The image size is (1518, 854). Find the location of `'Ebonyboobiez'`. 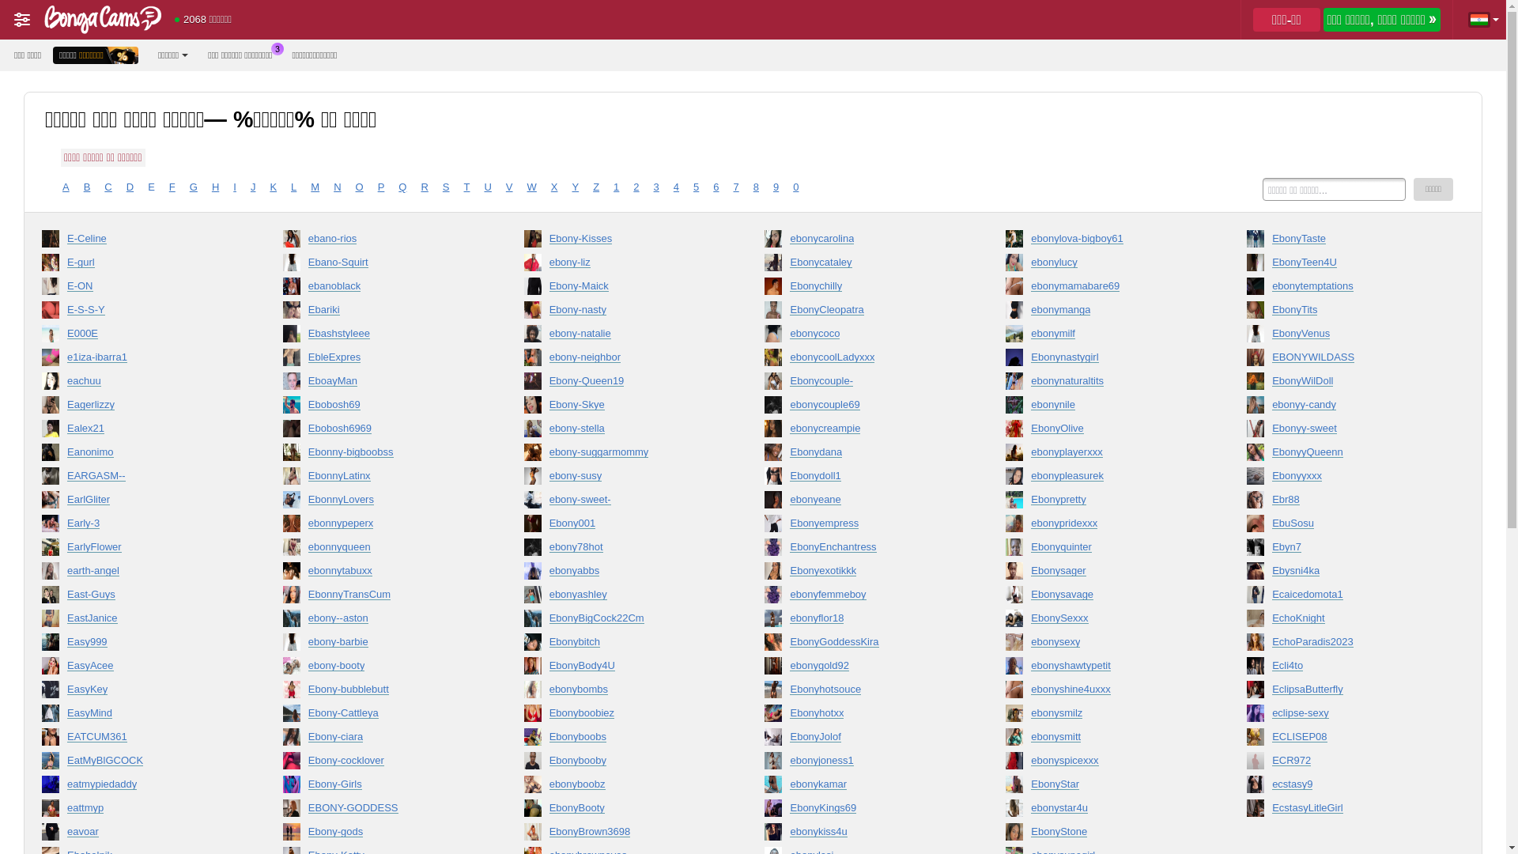

'Ebonyboobiez' is located at coordinates (621, 716).